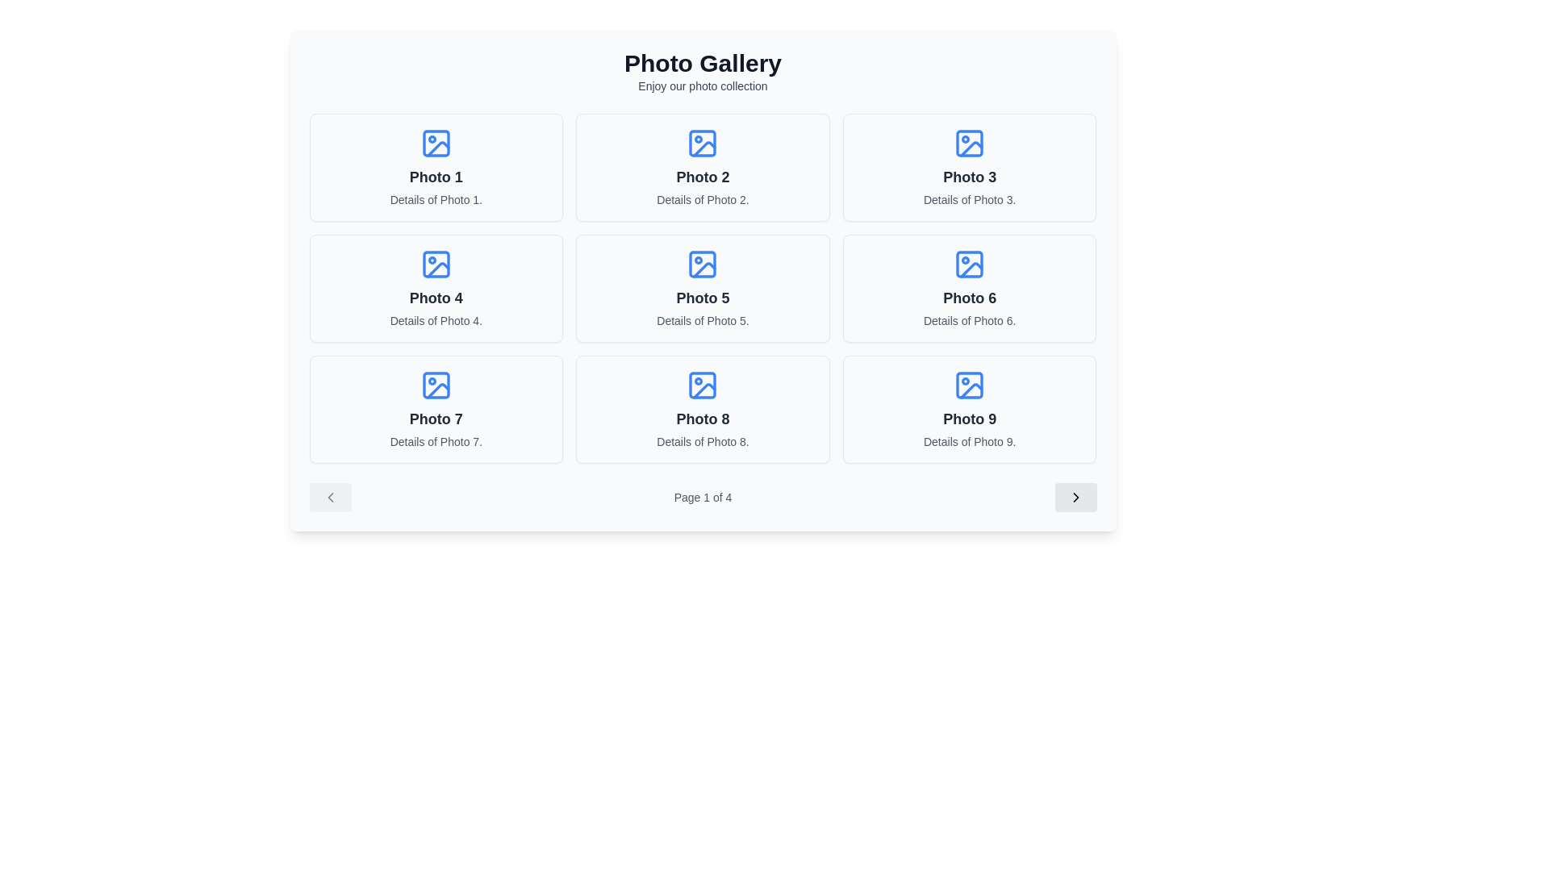 This screenshot has height=871, width=1549. Describe the element at coordinates (703, 385) in the screenshot. I see `the decorative shape within the image icon of the eighth photo card labeled 'Photo 8'` at that location.